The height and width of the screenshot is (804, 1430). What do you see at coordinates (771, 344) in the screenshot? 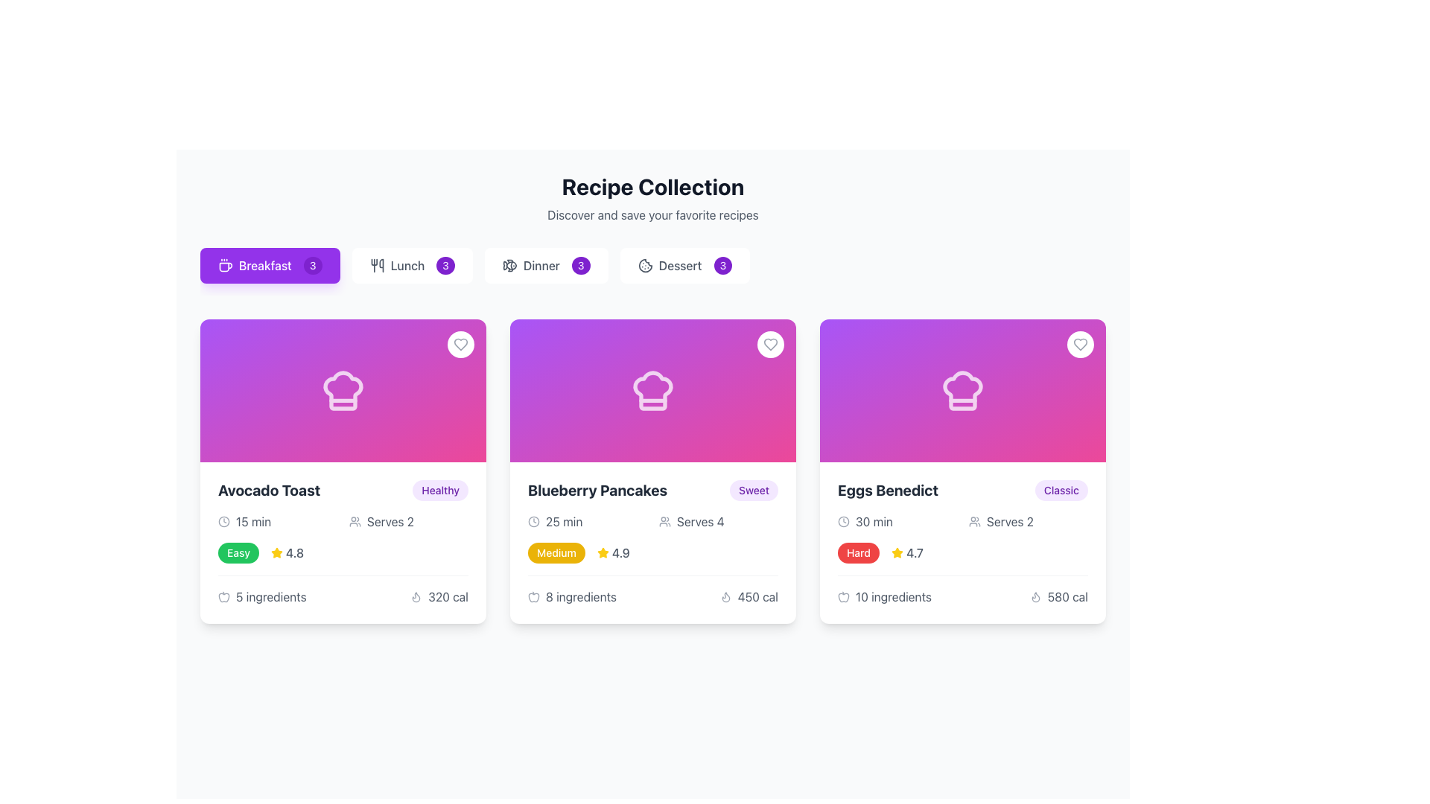
I see `the circular button with a heart icon located in the top-right corner of the 'Blueberry Pancakes' card to change its color from gray to red` at bounding box center [771, 344].